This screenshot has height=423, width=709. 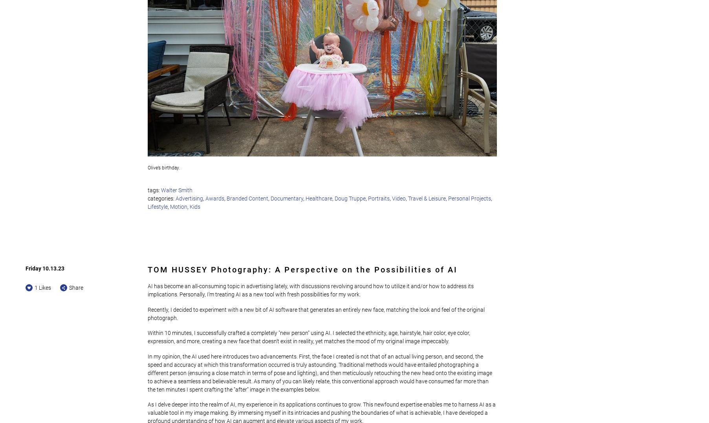 I want to click on 'Portraits', so click(x=379, y=198).